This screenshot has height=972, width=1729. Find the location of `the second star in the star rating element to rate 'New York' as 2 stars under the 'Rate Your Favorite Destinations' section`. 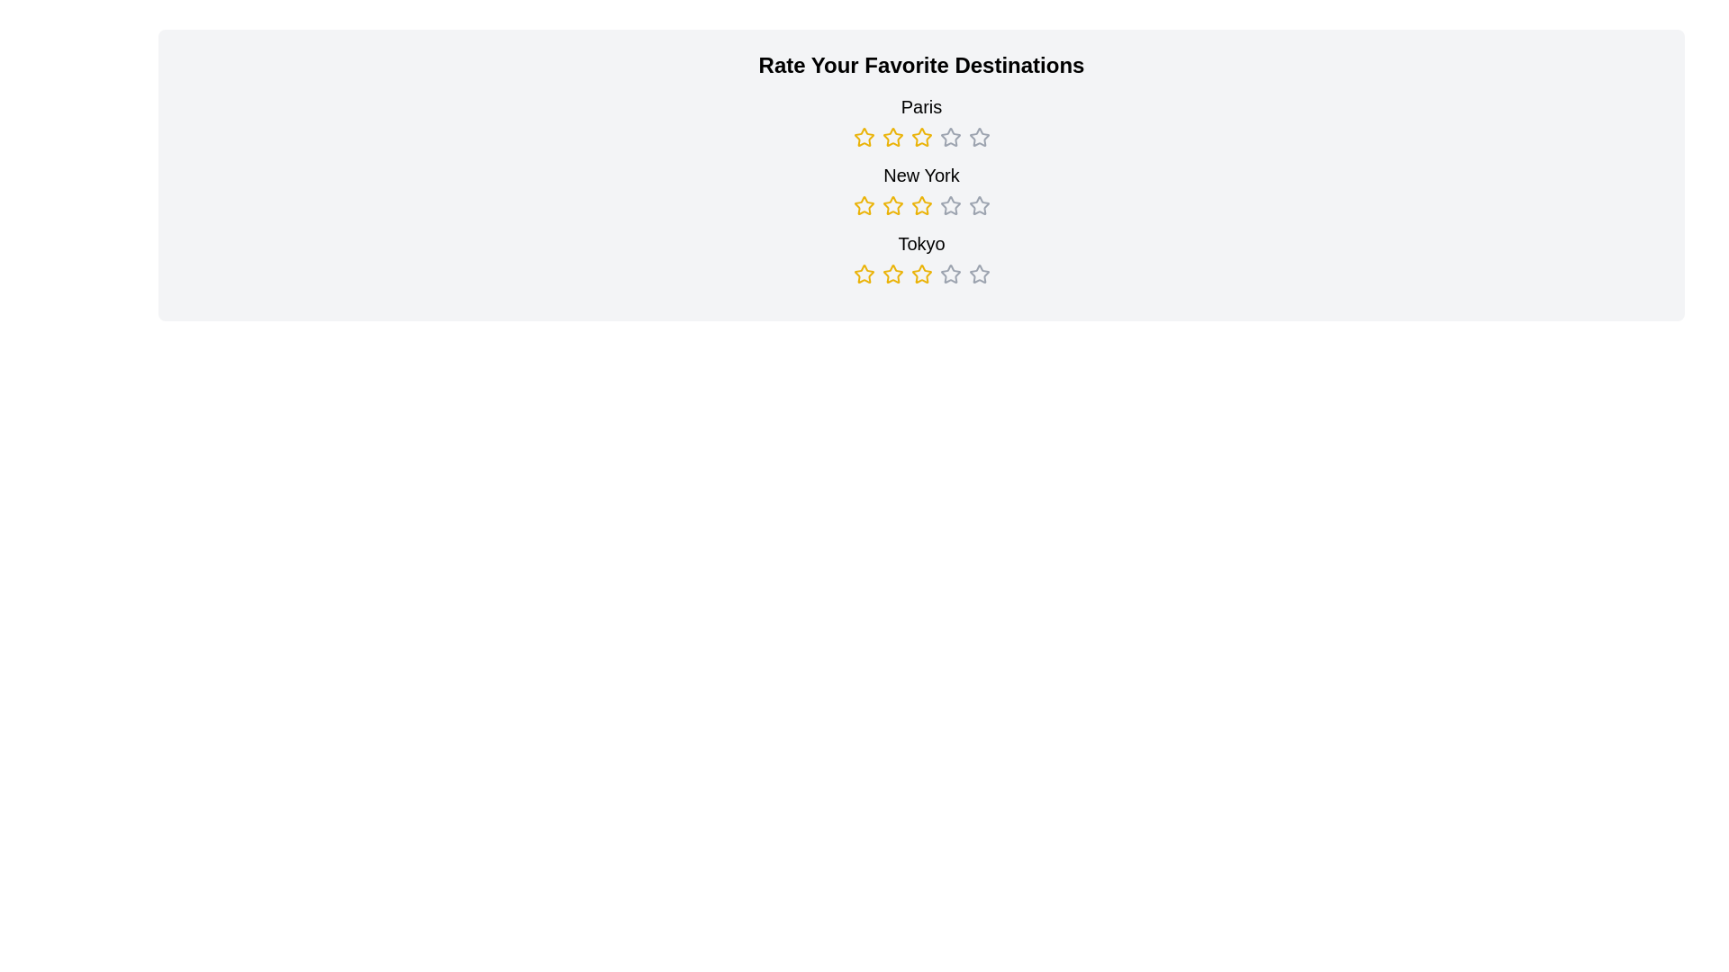

the second star in the star rating element to rate 'New York' as 2 stars under the 'Rate Your Favorite Destinations' section is located at coordinates (892, 204).